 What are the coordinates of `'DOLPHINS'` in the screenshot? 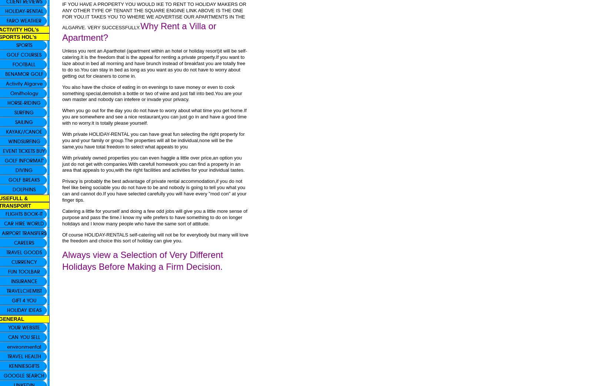 It's located at (24, 189).